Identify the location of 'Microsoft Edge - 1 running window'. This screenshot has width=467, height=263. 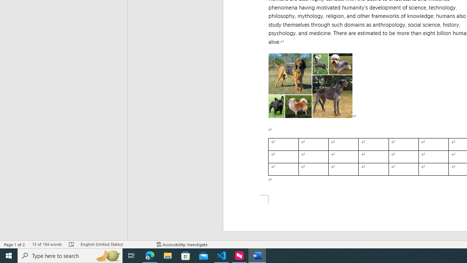
(150, 255).